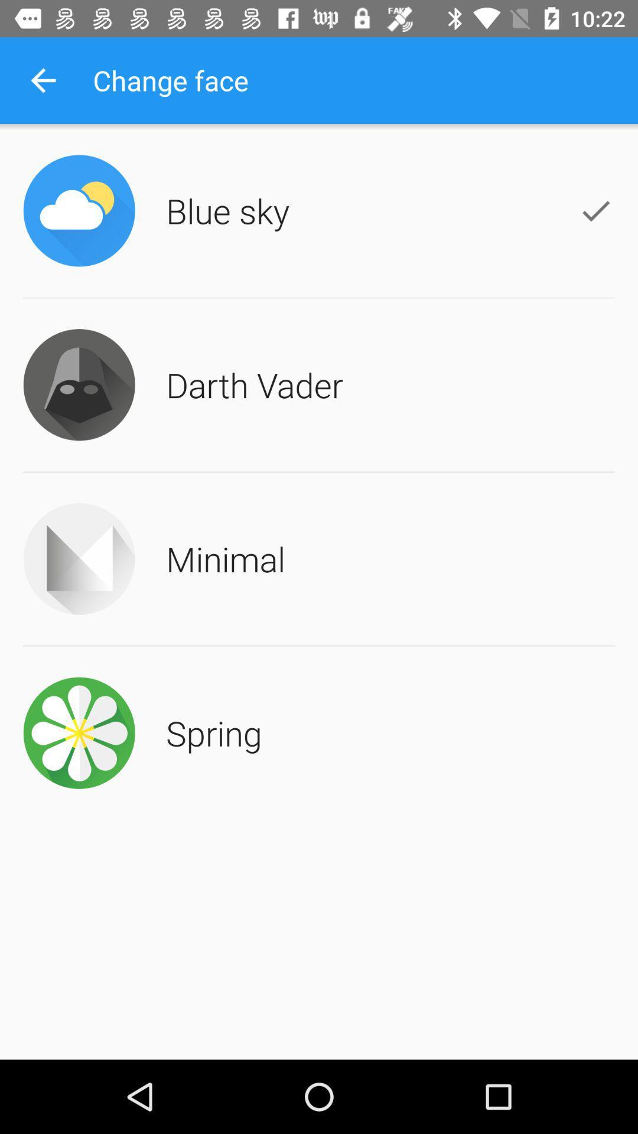 The width and height of the screenshot is (638, 1134). I want to click on the spring icon, so click(214, 732).